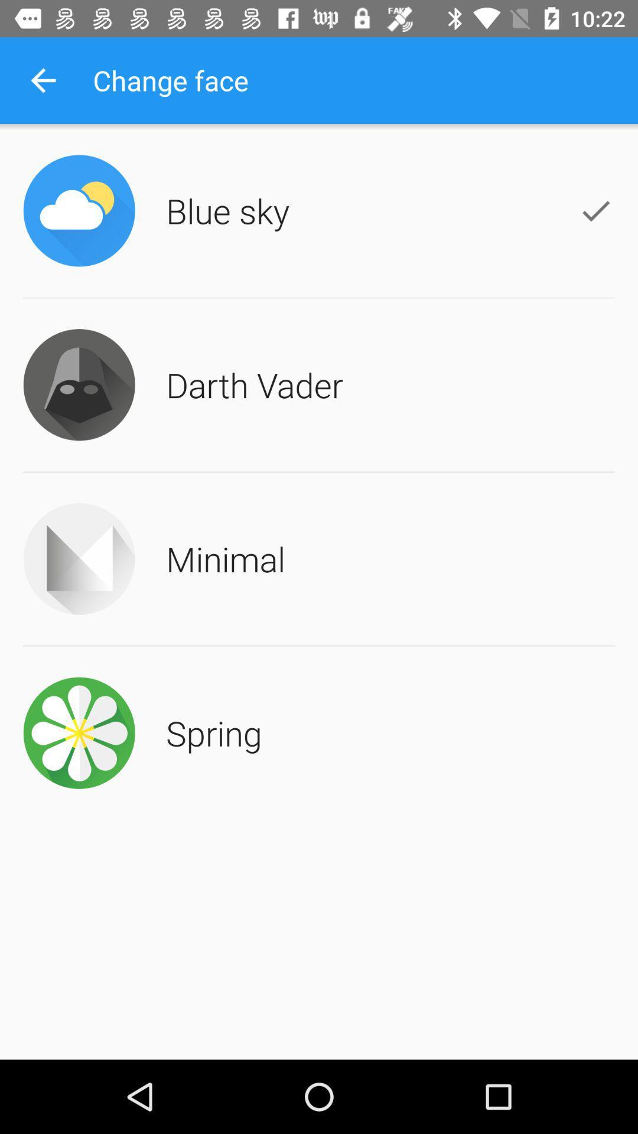 The width and height of the screenshot is (638, 1134). I want to click on the spring icon, so click(214, 732).